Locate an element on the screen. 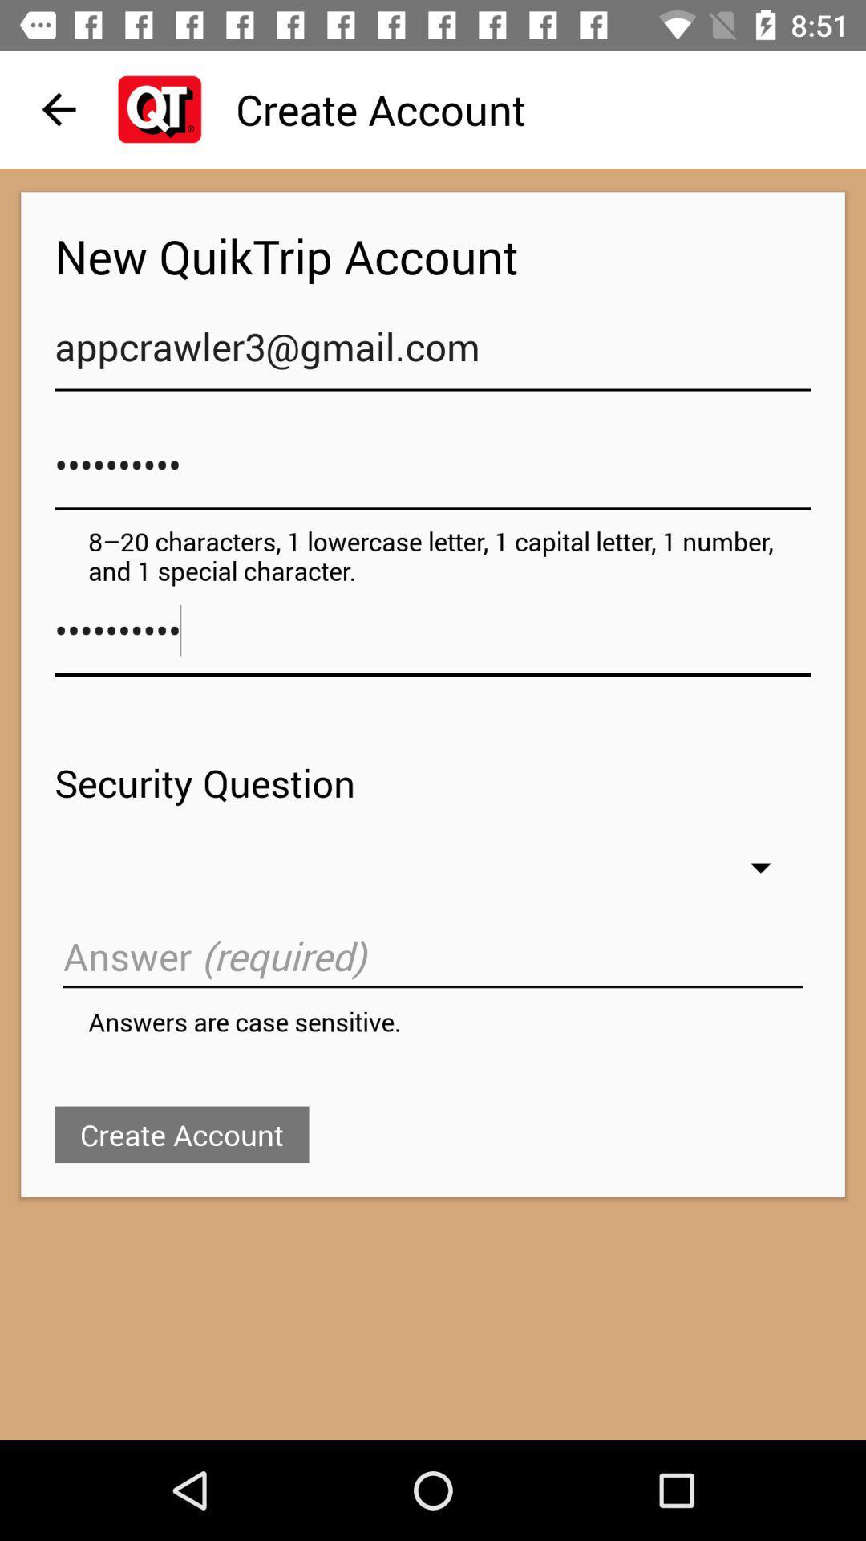 The width and height of the screenshot is (866, 1541). icon above crowd#3116 item is located at coordinates (433, 354).